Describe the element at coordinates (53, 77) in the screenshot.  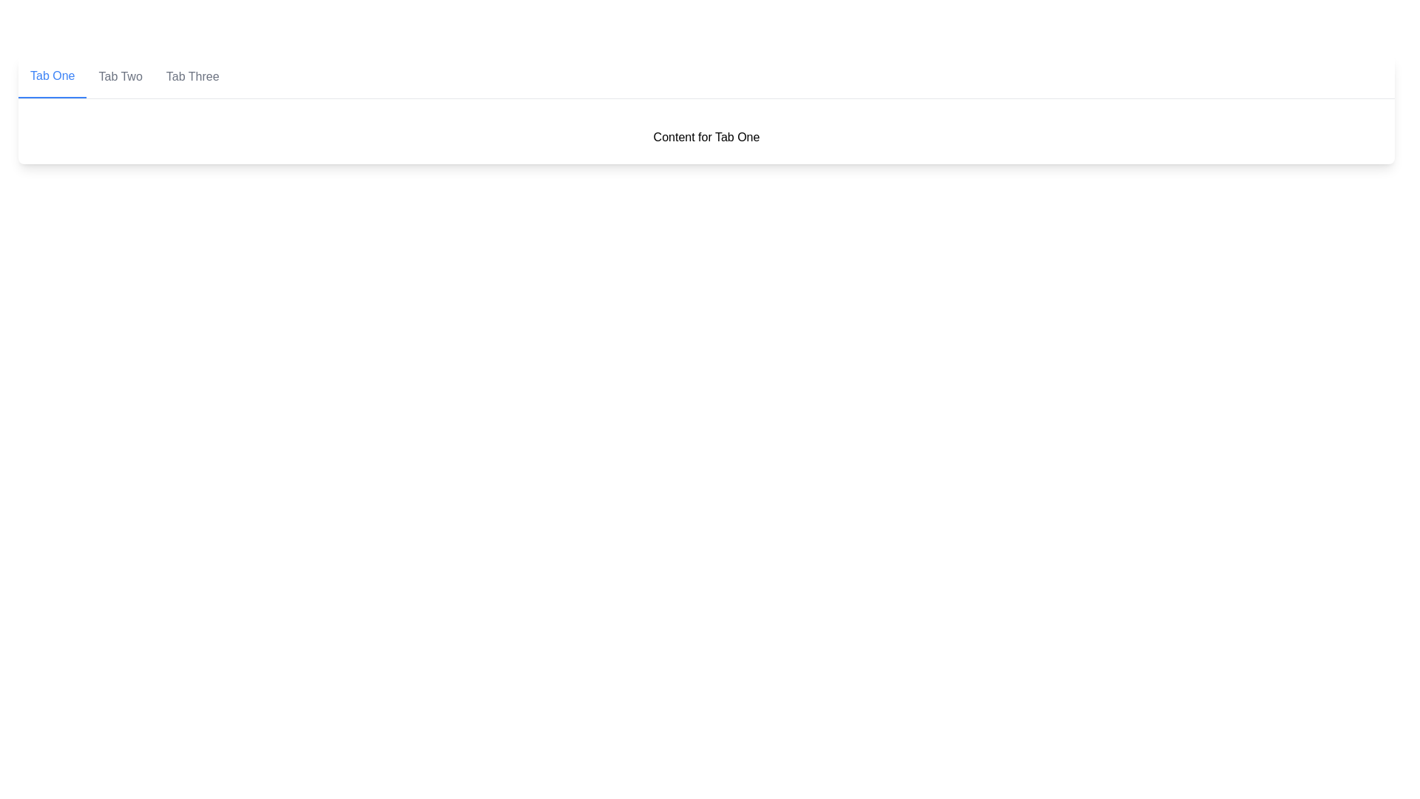
I see `the tab Tab One` at that location.